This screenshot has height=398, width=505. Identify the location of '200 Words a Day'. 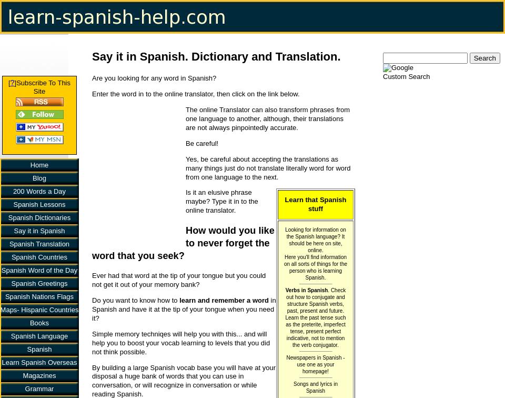
(39, 191).